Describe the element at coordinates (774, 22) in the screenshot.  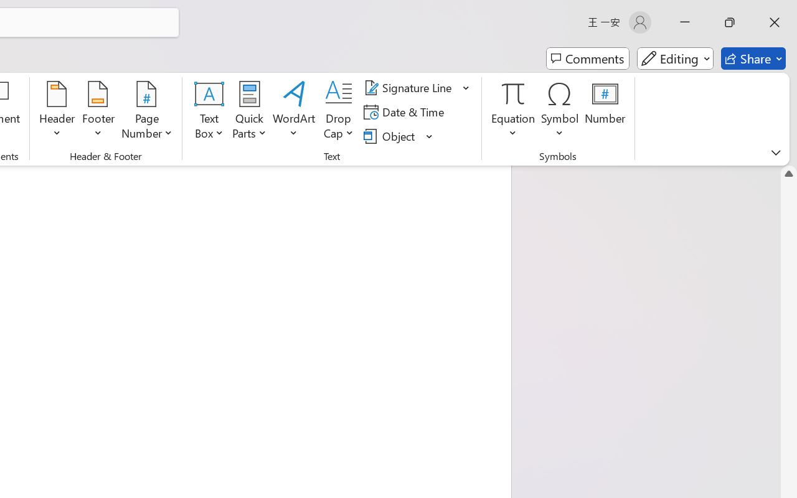
I see `'Close'` at that location.